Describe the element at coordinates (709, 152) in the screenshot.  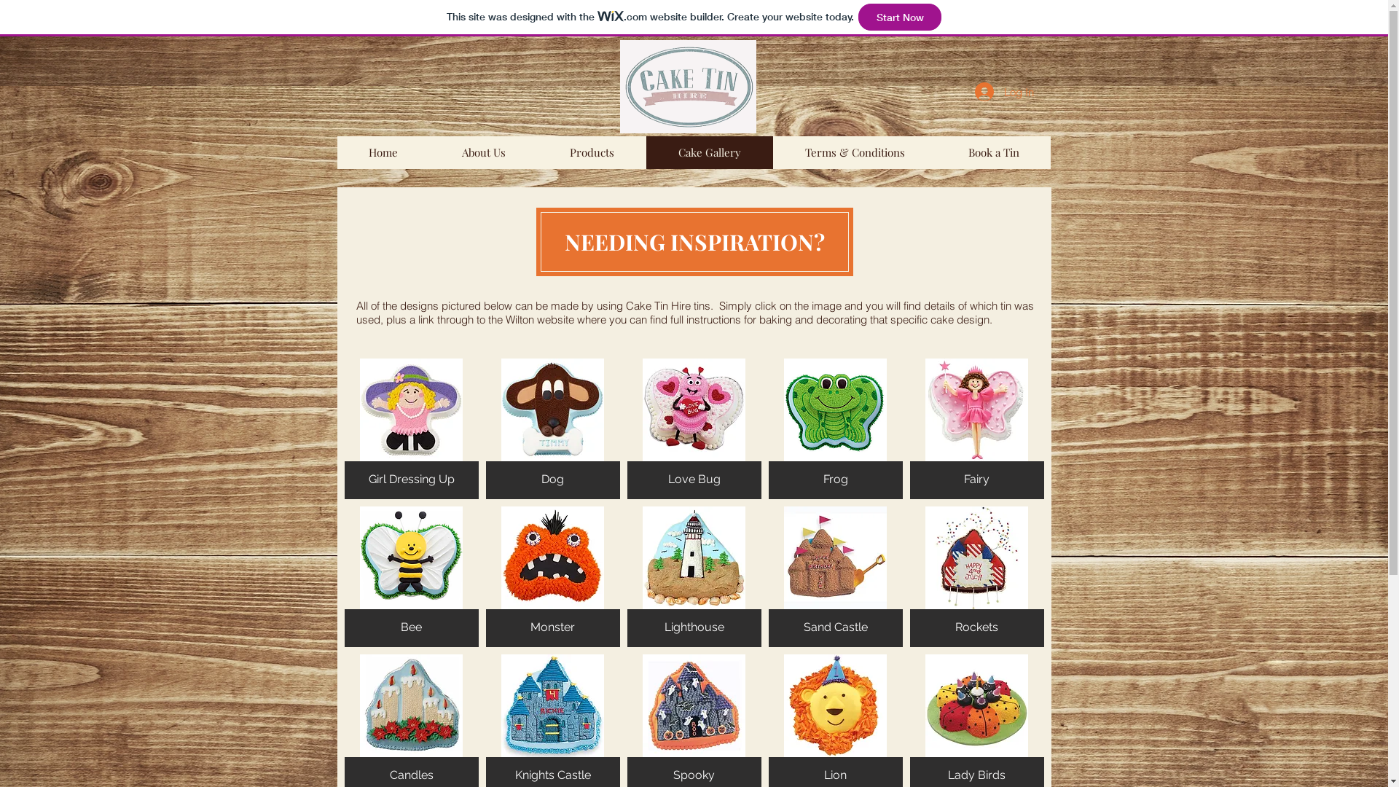
I see `'Cake Gallery'` at that location.